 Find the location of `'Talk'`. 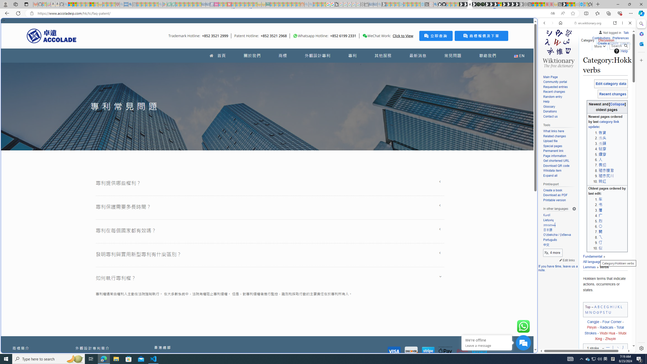

'Talk' is located at coordinates (626, 33).